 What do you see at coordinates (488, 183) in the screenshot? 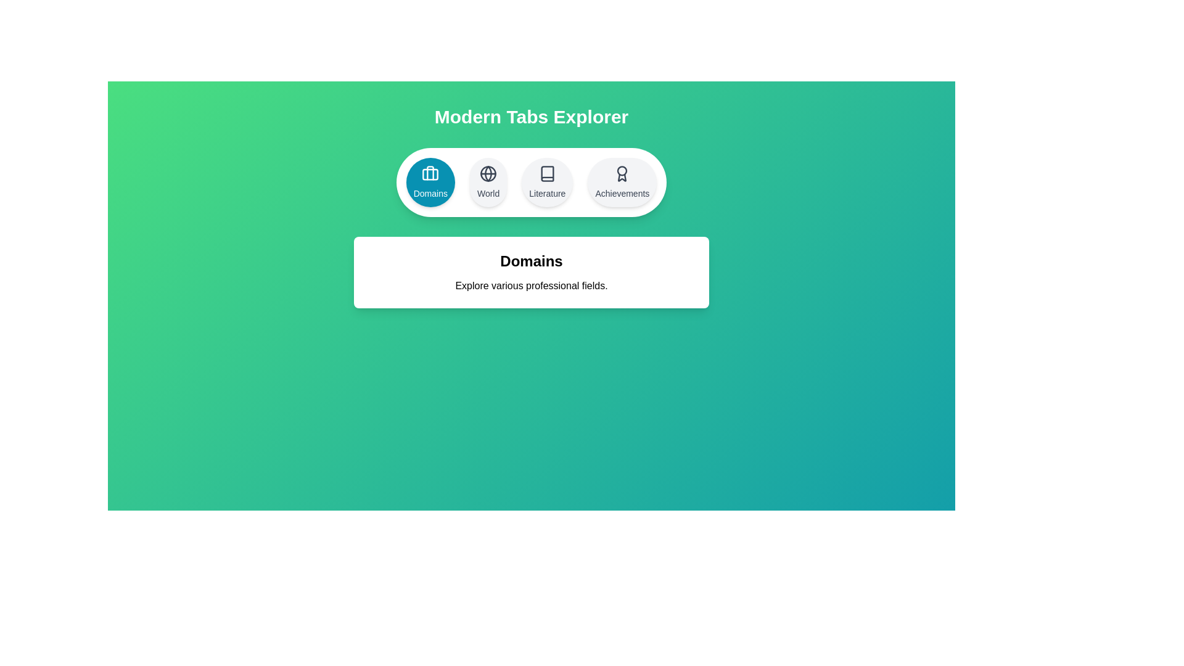
I see `the tab labeled World` at bounding box center [488, 183].